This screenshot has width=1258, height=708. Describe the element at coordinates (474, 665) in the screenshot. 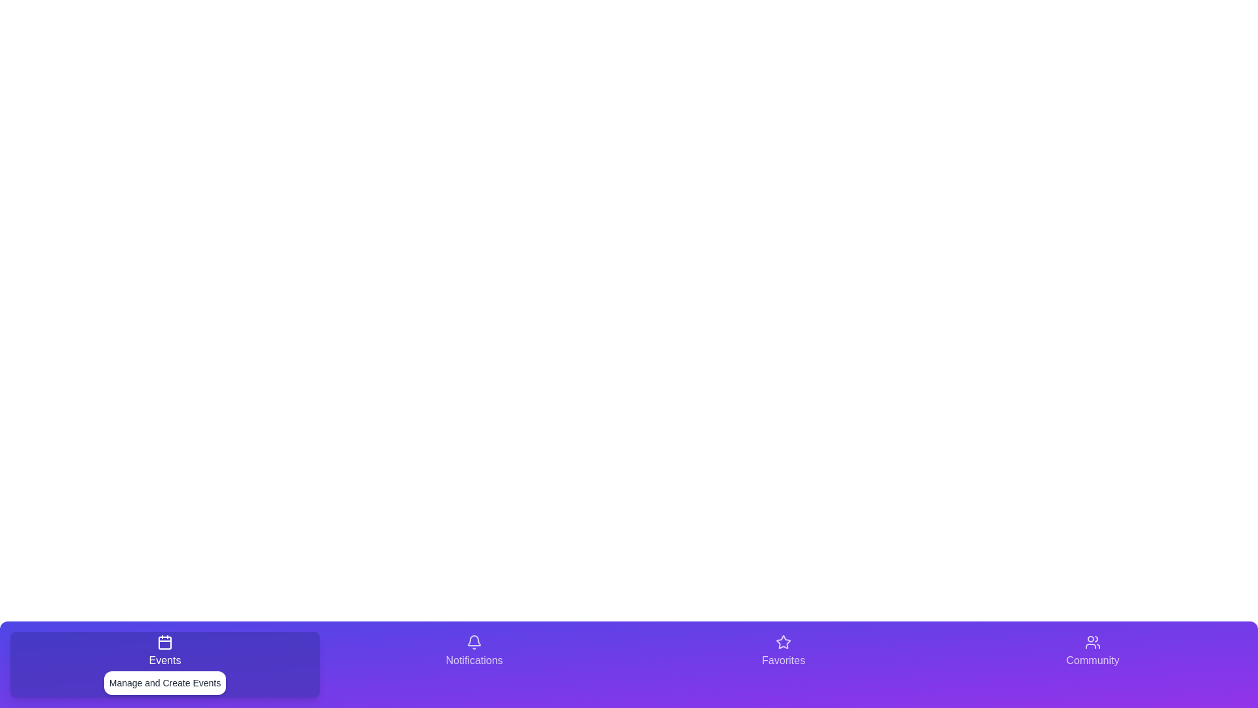

I see `the tab corresponding to Notifications` at that location.